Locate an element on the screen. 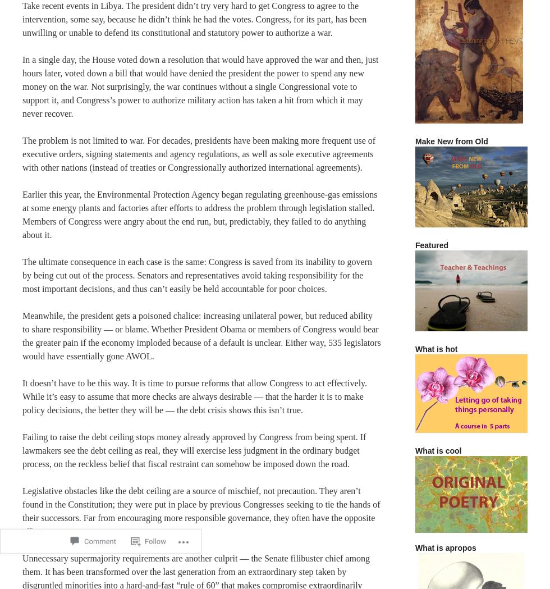 This screenshot has height=589, width=550. 'Make New from Old' is located at coordinates (451, 140).